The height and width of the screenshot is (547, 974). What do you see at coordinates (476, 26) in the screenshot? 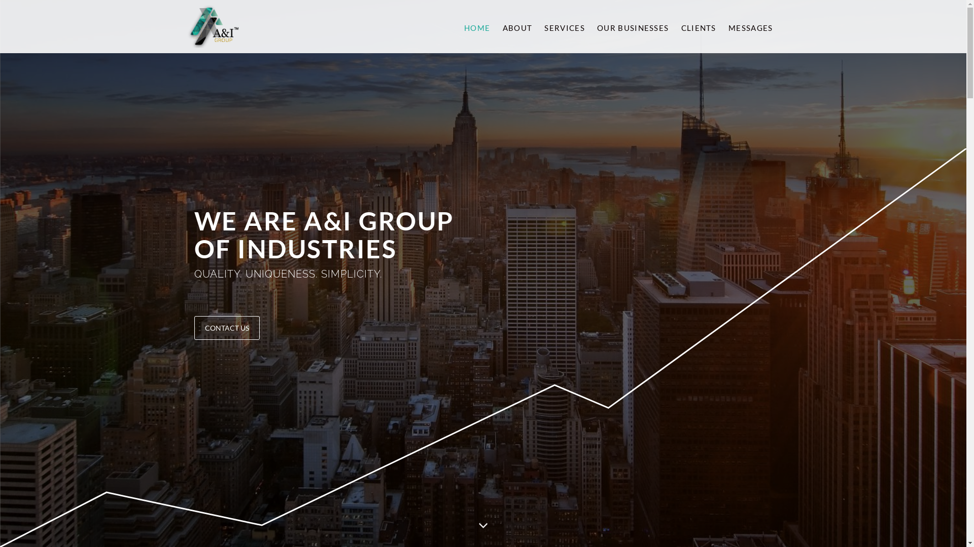
I see `'HOME'` at bounding box center [476, 26].